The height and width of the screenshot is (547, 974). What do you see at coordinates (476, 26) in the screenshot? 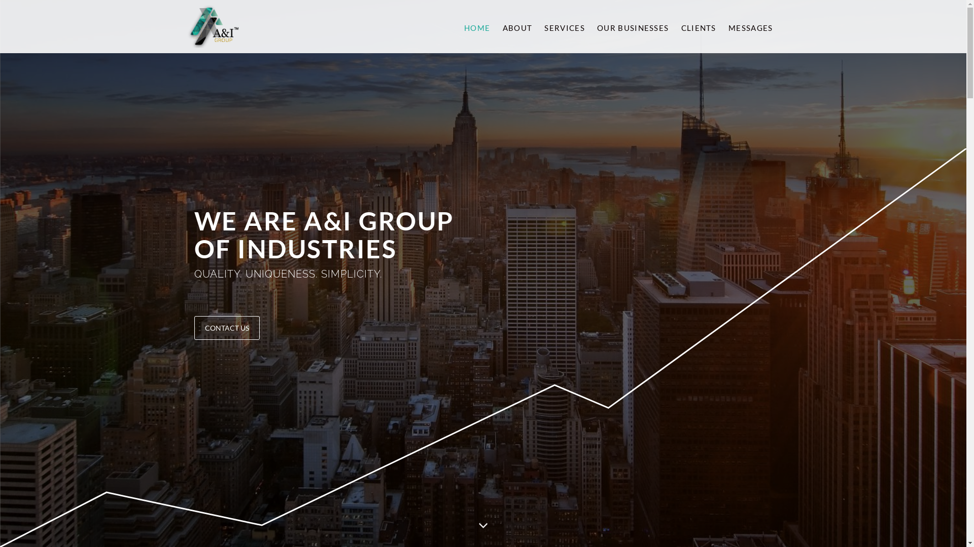
I see `'HOME'` at bounding box center [476, 26].